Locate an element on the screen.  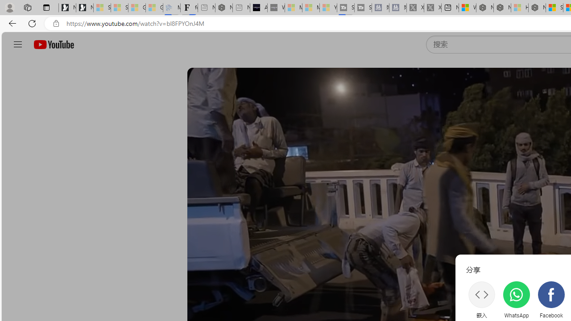
'WhatsApp' is located at coordinates (516, 300).